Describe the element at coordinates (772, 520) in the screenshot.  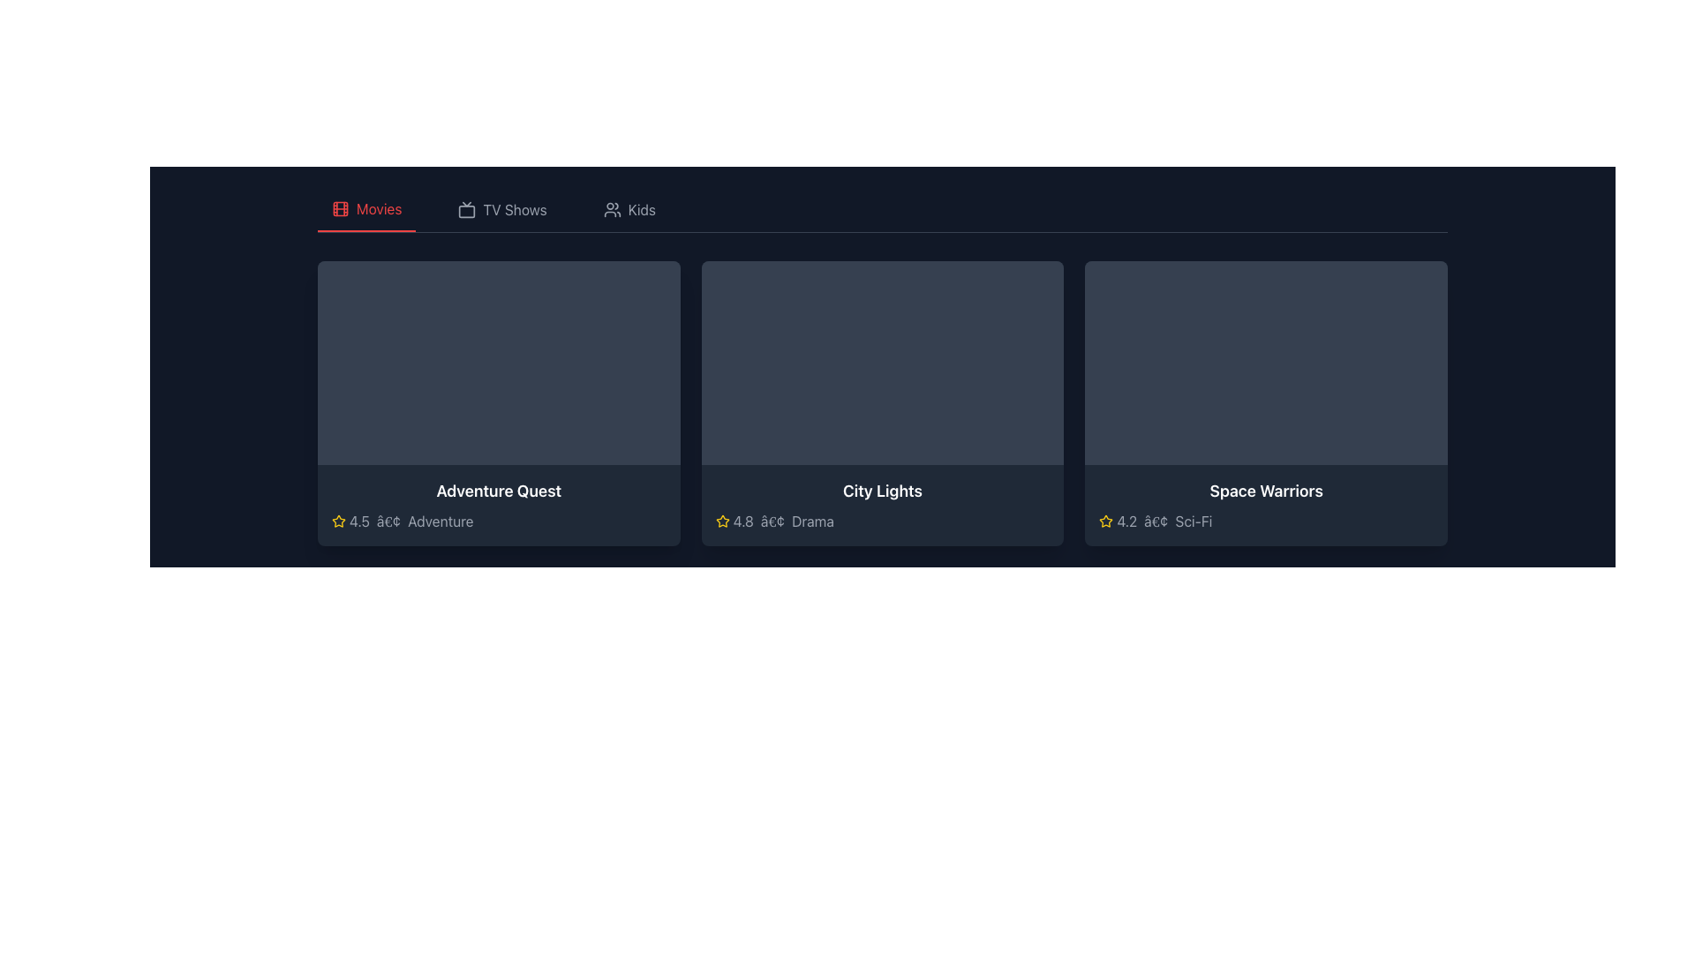
I see `the text separator that enhances readability between the numeric rating '4.8' and the genre label 'Drama' for the movie entry 'City Lights'` at that location.